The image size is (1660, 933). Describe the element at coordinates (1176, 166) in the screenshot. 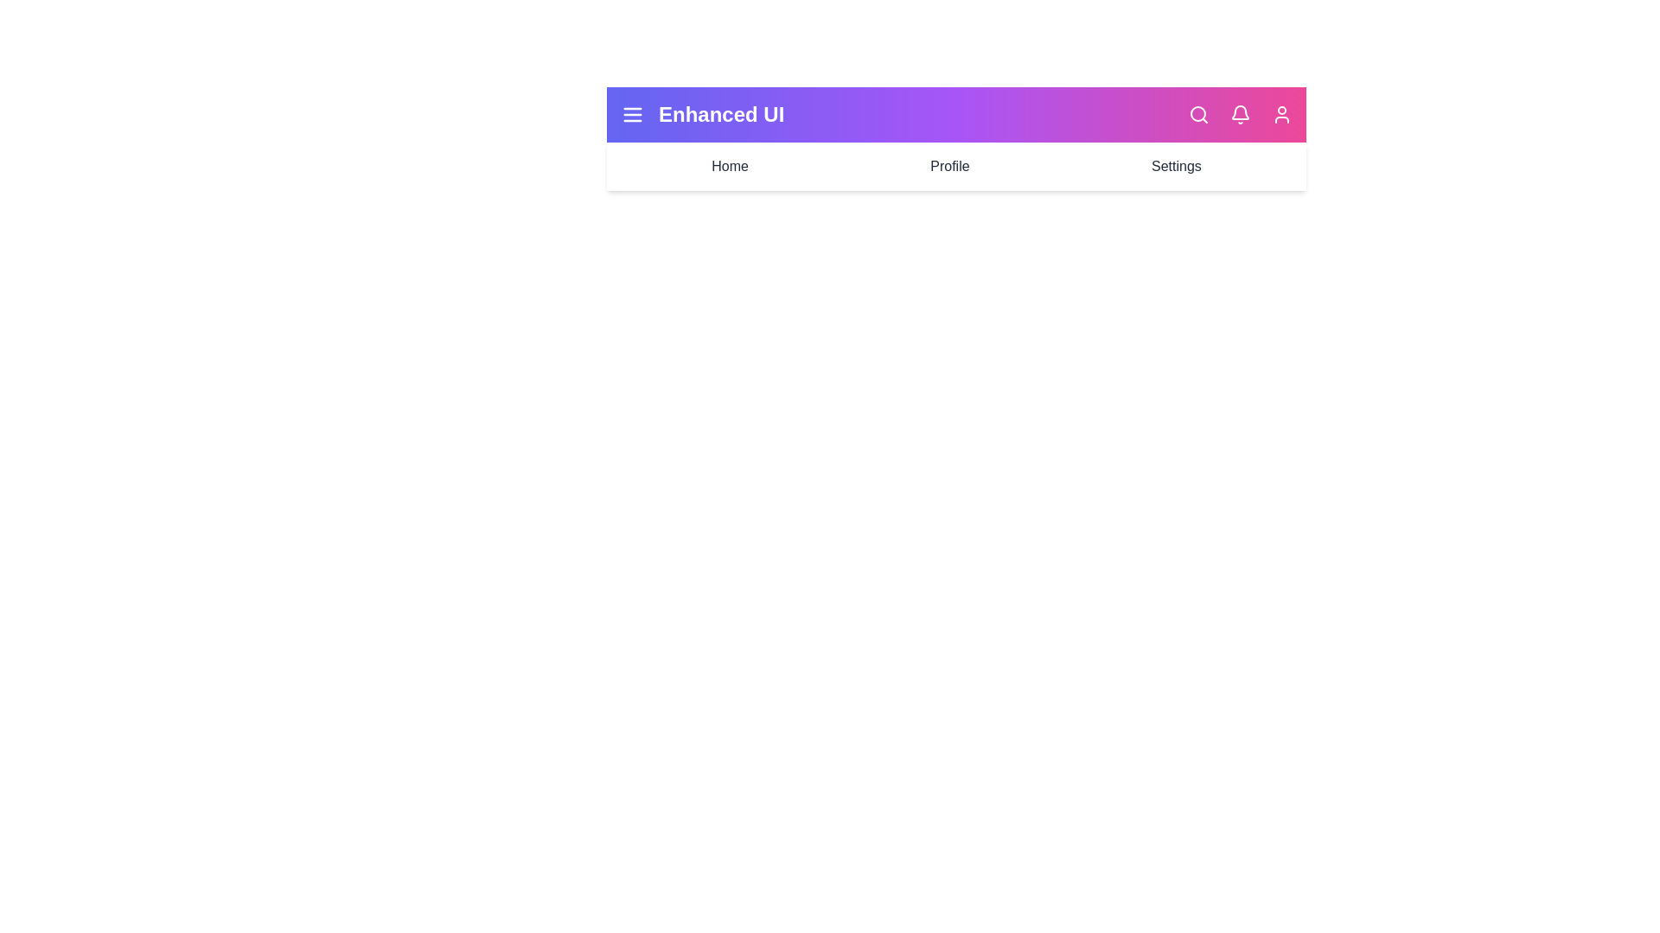

I see `the Settings navigation item in the EnhancedAppBar` at that location.